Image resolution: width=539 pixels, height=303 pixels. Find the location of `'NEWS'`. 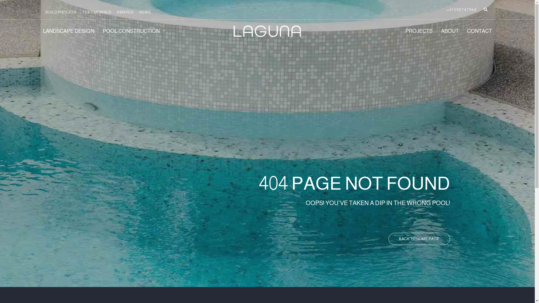

'NEWS' is located at coordinates (145, 12).